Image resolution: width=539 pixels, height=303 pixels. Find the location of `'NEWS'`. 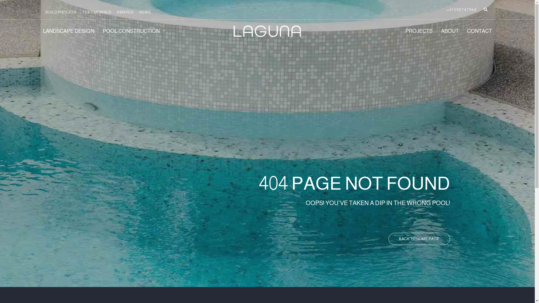

'NEWS' is located at coordinates (145, 12).